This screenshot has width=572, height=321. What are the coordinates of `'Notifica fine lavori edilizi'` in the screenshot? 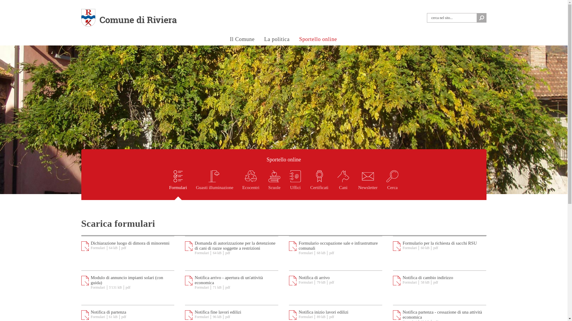 It's located at (217, 311).